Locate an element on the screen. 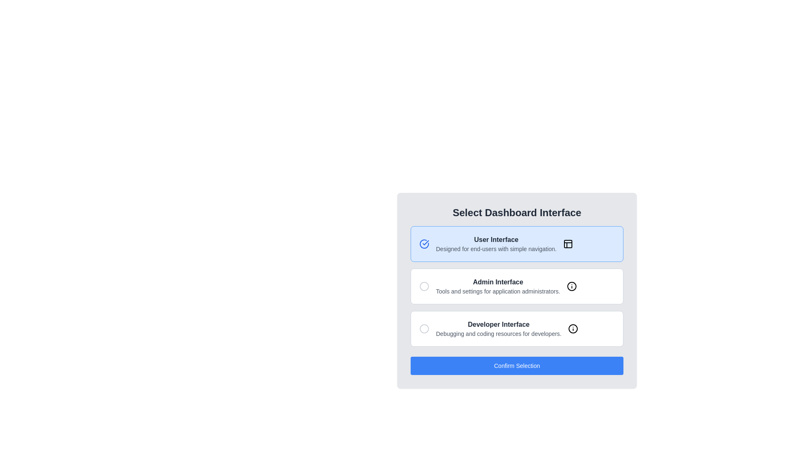 This screenshot has height=449, width=798. the text label that provides details about the 'Developer Interface' choice, located in the third card of the vertical list of interface selection cards, below 'Admin Interface' and above the 'Confirm Selection' button is located at coordinates (499, 328).